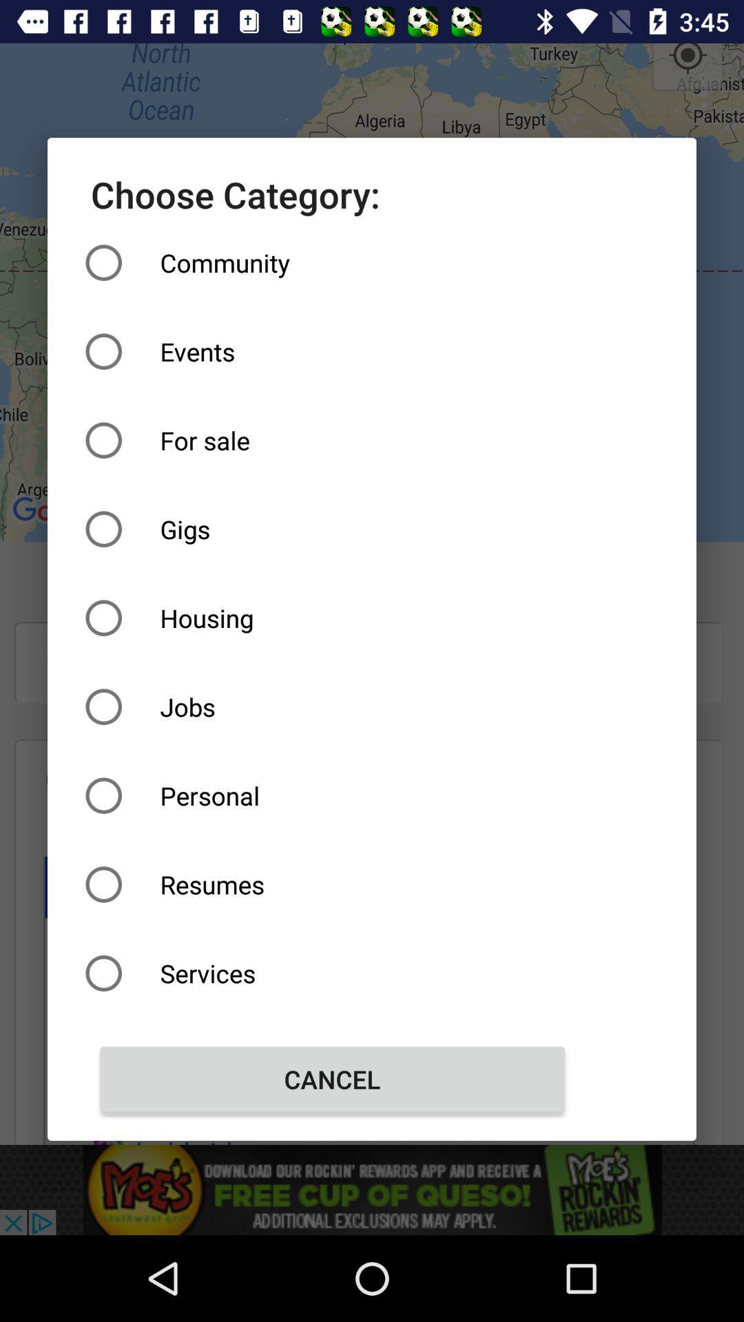 This screenshot has width=744, height=1322. I want to click on services, so click(332, 972).